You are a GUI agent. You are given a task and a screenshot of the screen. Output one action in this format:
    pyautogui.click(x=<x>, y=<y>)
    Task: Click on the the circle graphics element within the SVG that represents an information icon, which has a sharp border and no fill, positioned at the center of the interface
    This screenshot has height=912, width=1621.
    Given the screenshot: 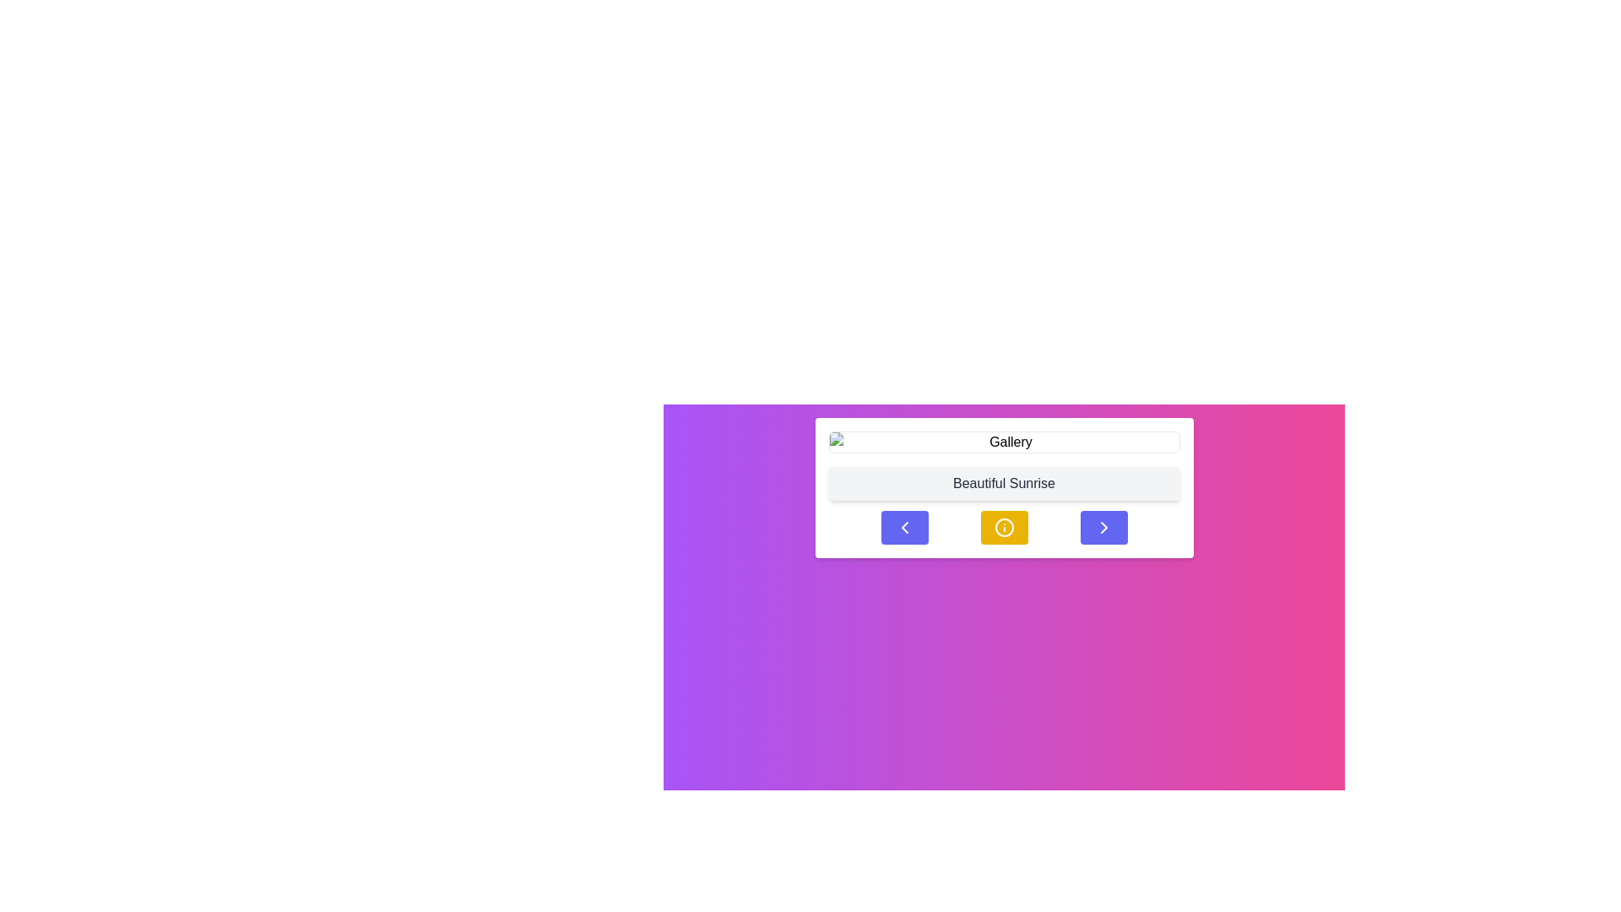 What is the action you would take?
    pyautogui.click(x=1004, y=526)
    